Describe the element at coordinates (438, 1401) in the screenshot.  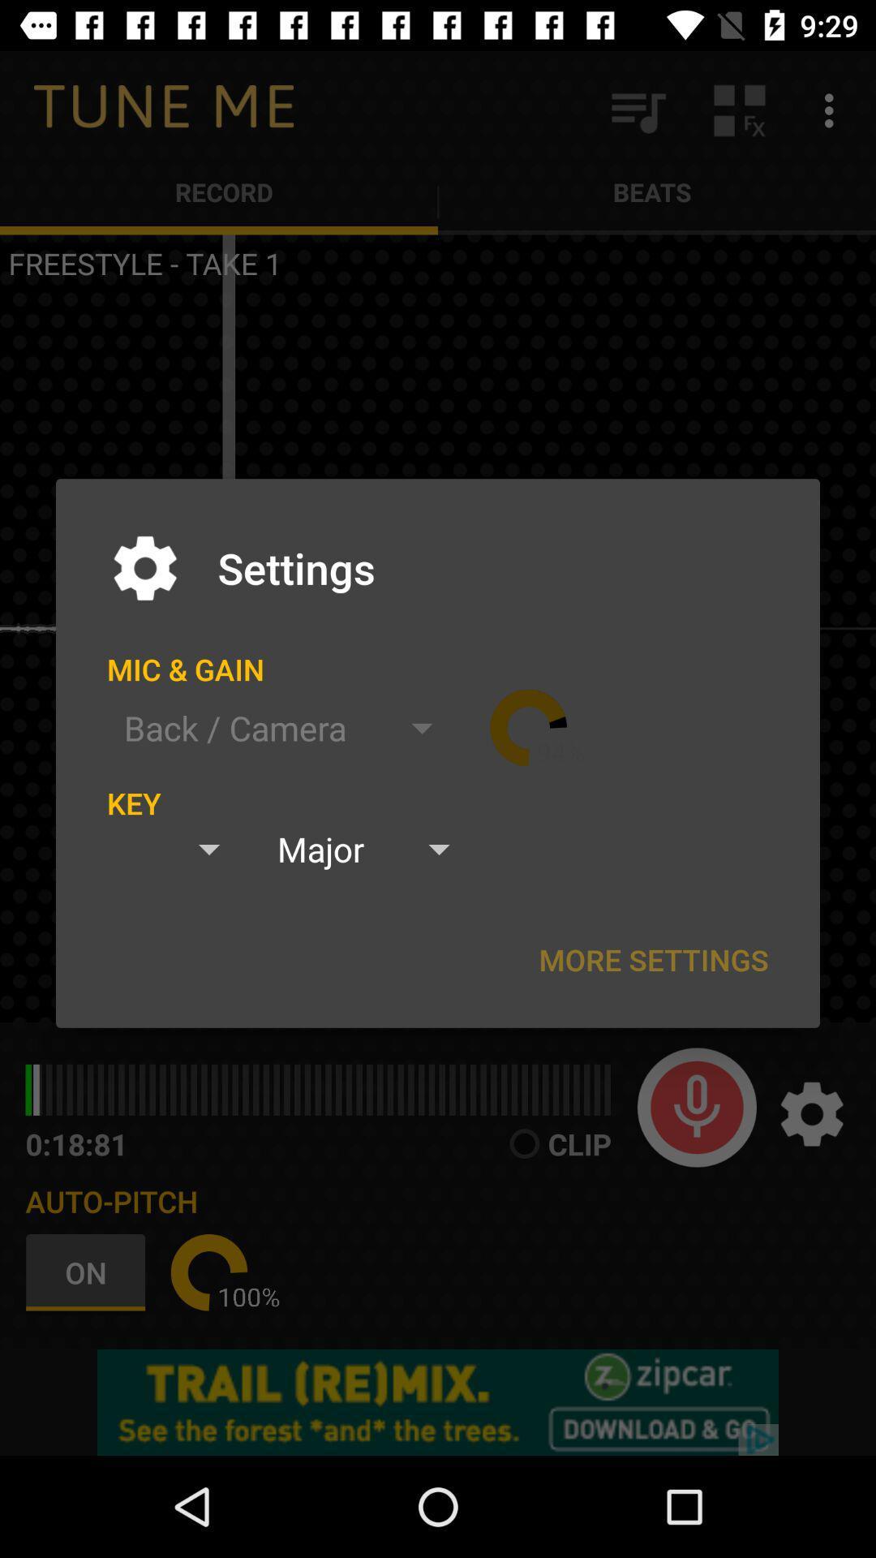
I see `item below the on icon` at that location.